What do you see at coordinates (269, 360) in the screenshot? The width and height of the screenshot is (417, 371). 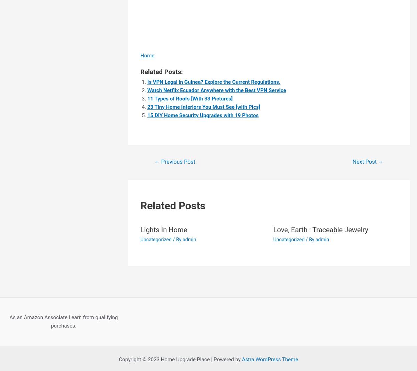 I see `'Astra WordPress Theme'` at bounding box center [269, 360].